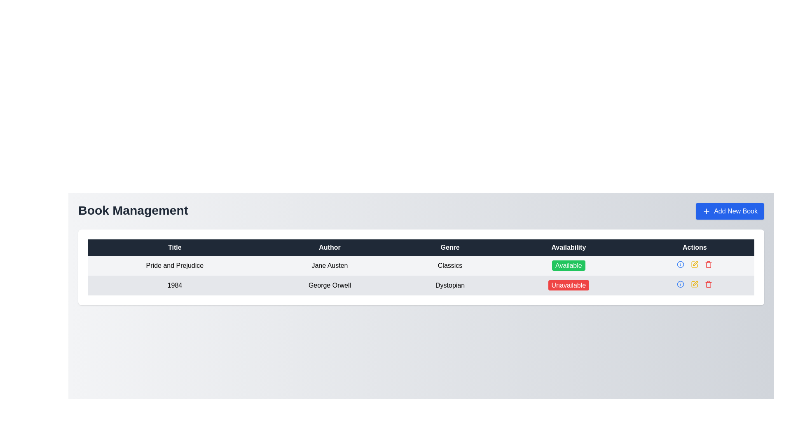  I want to click on the blue circular icon with an 'i' symbol in the 'Actions' column of the second row of the table, so click(681, 264).